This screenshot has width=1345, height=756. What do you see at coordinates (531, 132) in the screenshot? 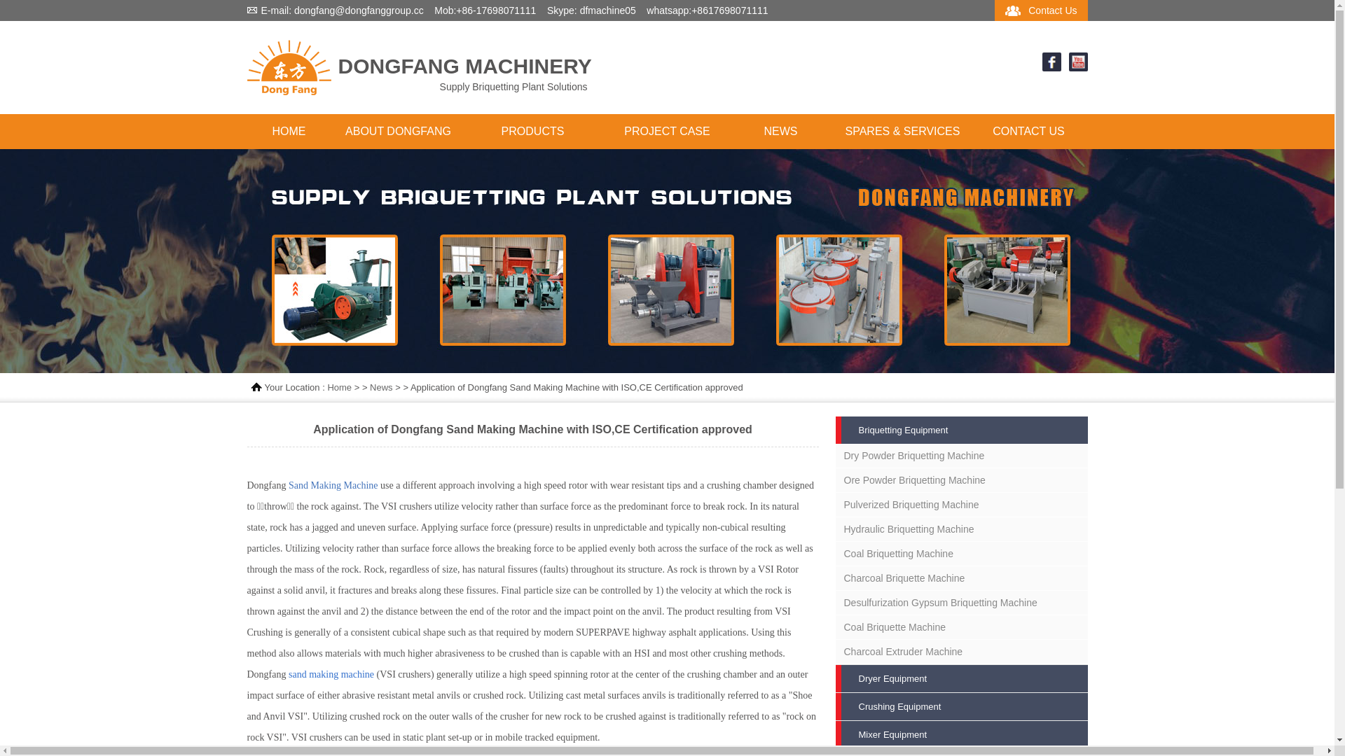
I see `'PRODUCTS'` at bounding box center [531, 132].